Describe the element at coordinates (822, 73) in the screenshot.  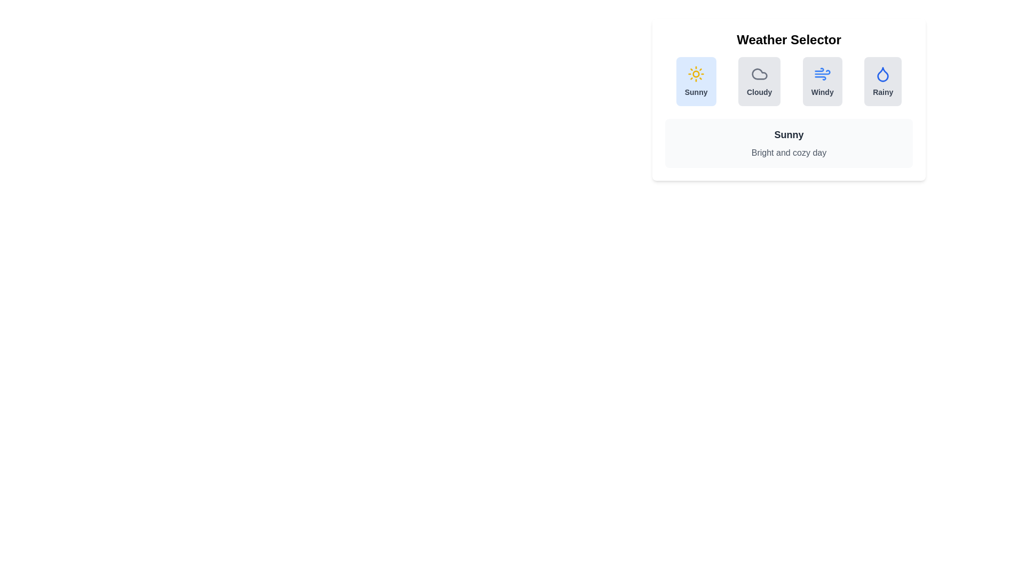
I see `the windy weather icon in the Weather Selector interface` at that location.